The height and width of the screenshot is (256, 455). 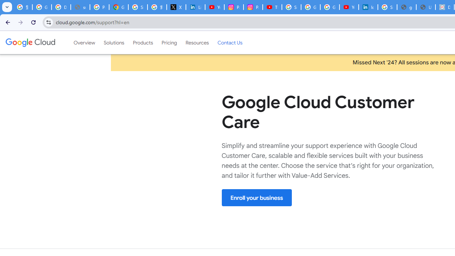 What do you see at coordinates (426, 7) in the screenshot?
I see `'User Details'` at bounding box center [426, 7].